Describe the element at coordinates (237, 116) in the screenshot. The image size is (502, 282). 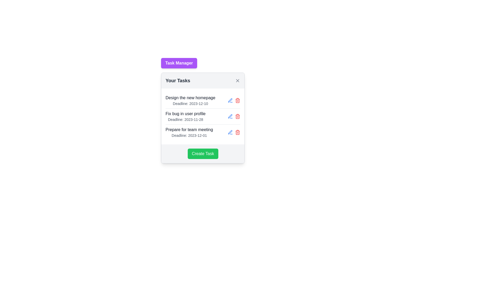
I see `the delete icon button located in the third row of the 'Your Tasks' popup card` at that location.